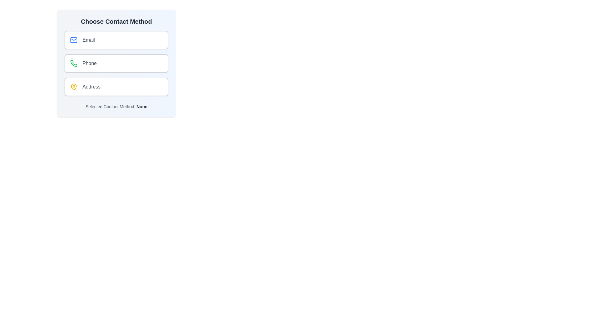  I want to click on the text label of the contact method Address, so click(91, 87).